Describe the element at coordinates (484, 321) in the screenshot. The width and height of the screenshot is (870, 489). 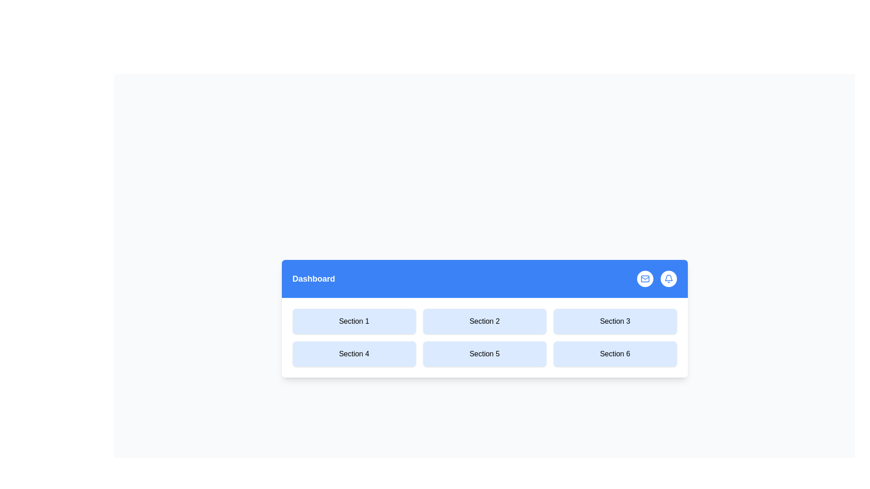
I see `the Button-like interactive label located in the second column of the first row of the grid layout, positioned between 'Section 1' and 'Section 3'` at that location.